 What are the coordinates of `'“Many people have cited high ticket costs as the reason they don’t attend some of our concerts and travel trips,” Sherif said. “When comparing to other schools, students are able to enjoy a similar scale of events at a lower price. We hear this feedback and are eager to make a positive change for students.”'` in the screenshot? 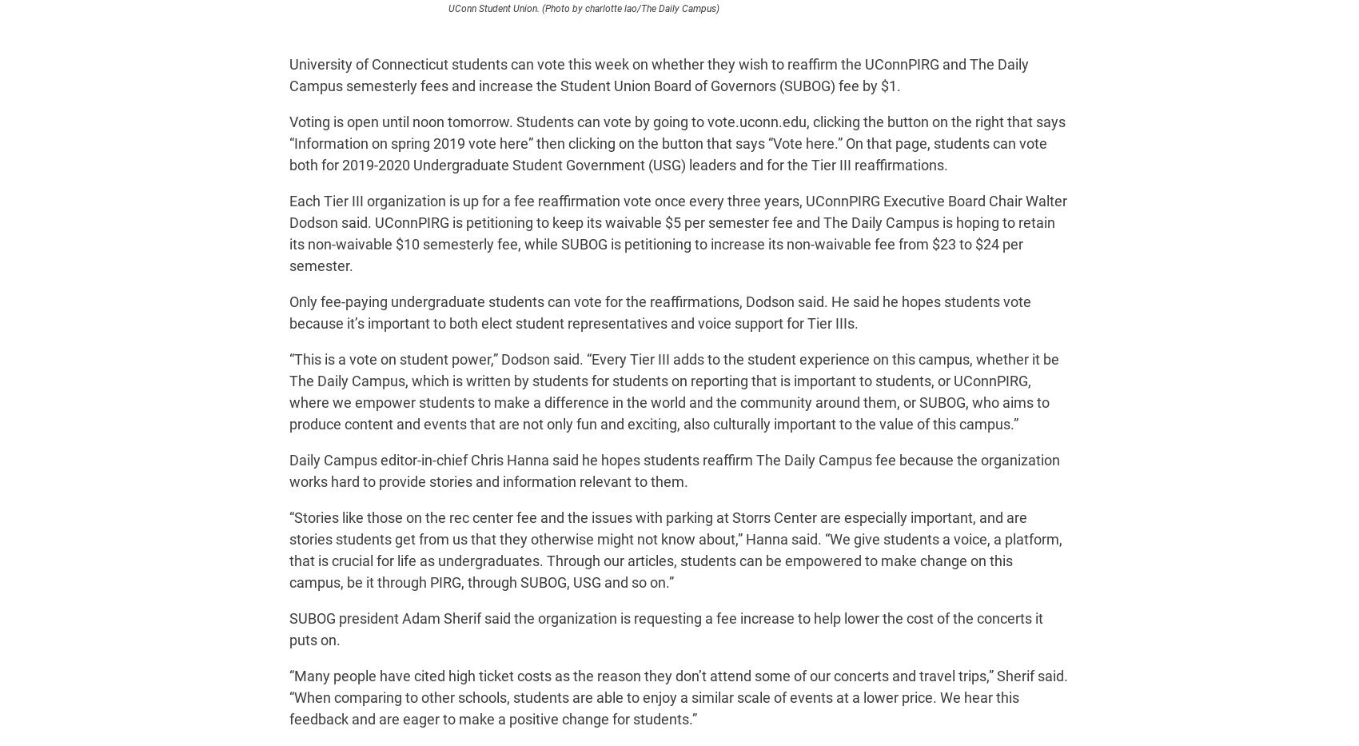 It's located at (677, 696).